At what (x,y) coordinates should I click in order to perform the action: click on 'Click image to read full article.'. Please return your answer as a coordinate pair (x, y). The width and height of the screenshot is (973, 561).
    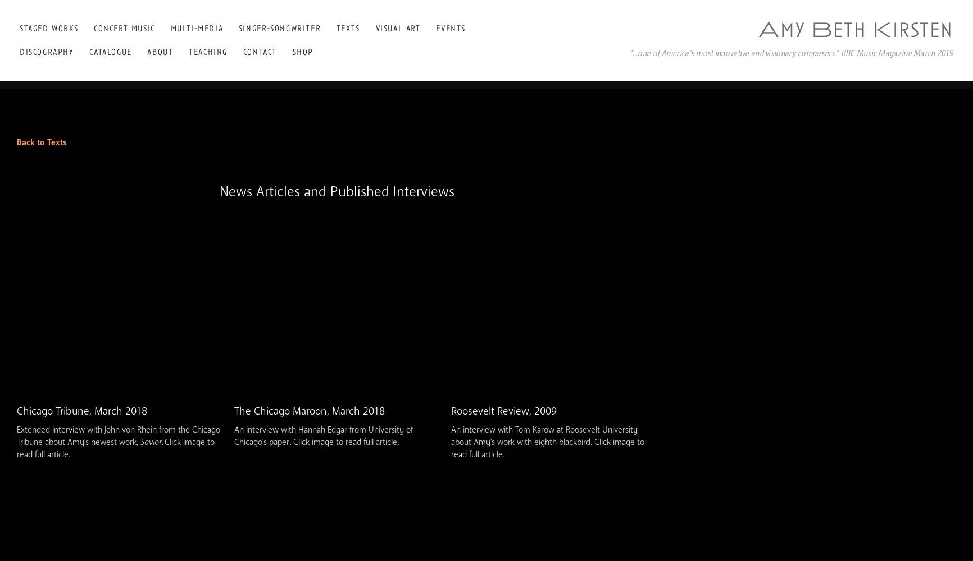
    Looking at the image, I should click on (115, 448).